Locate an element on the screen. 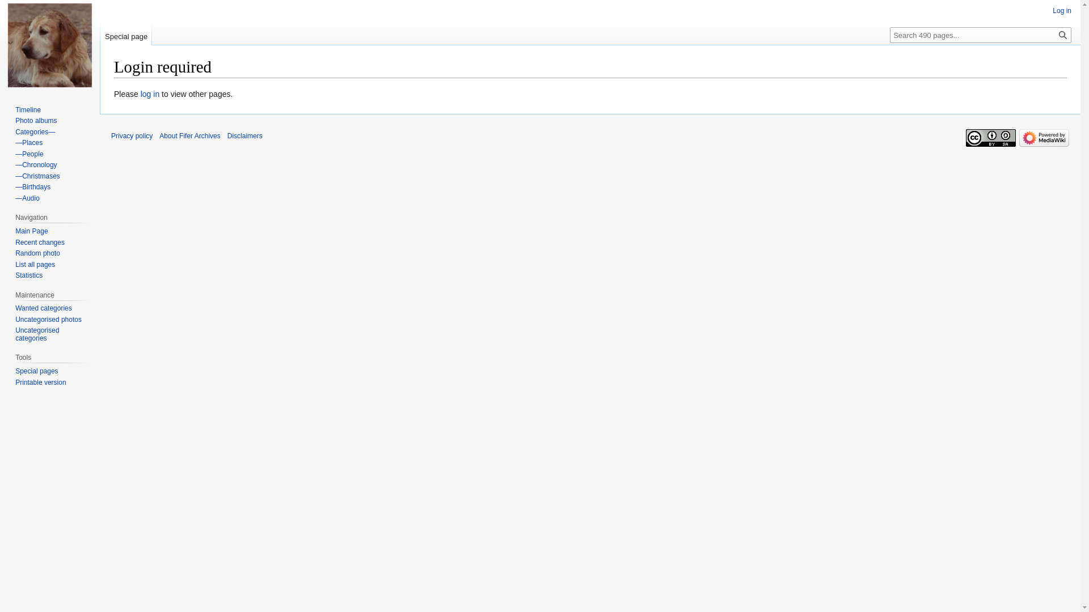  'Uncategorised photos' is located at coordinates (48, 319).